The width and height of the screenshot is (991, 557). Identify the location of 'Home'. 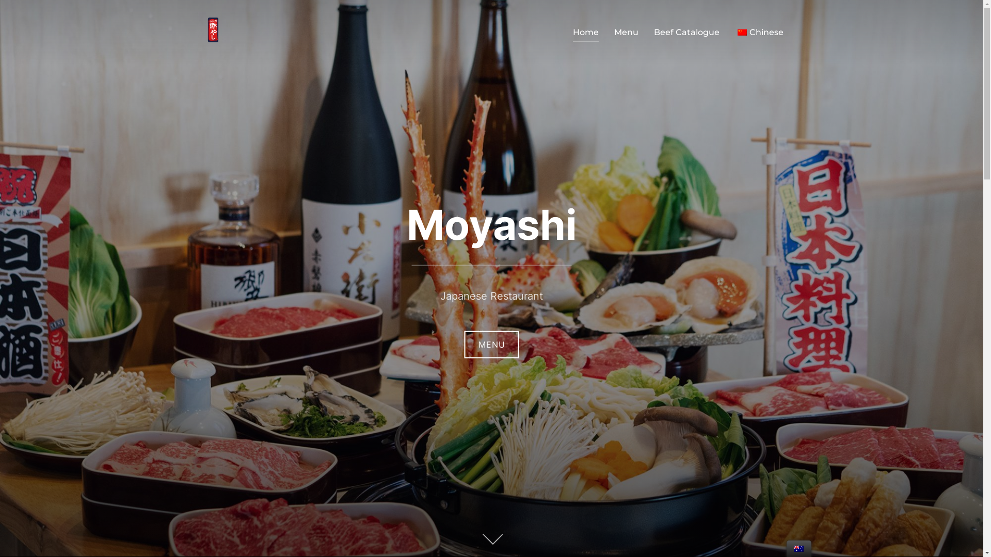
(585, 31).